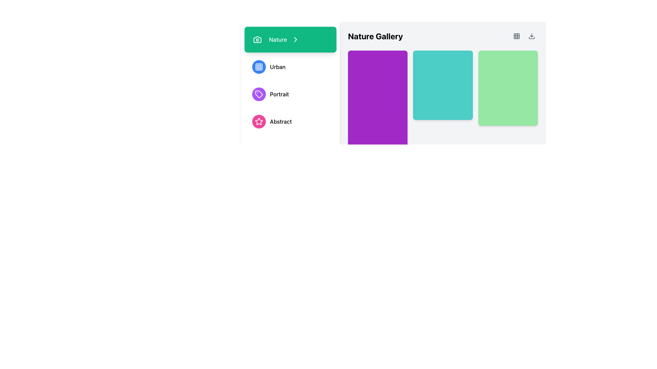 This screenshot has height=369, width=657. What do you see at coordinates (517, 36) in the screenshot?
I see `the square button with a light gray background and rounded corners, which contains a 3x3 grid icon, located at the top-right corner of the interface` at bounding box center [517, 36].